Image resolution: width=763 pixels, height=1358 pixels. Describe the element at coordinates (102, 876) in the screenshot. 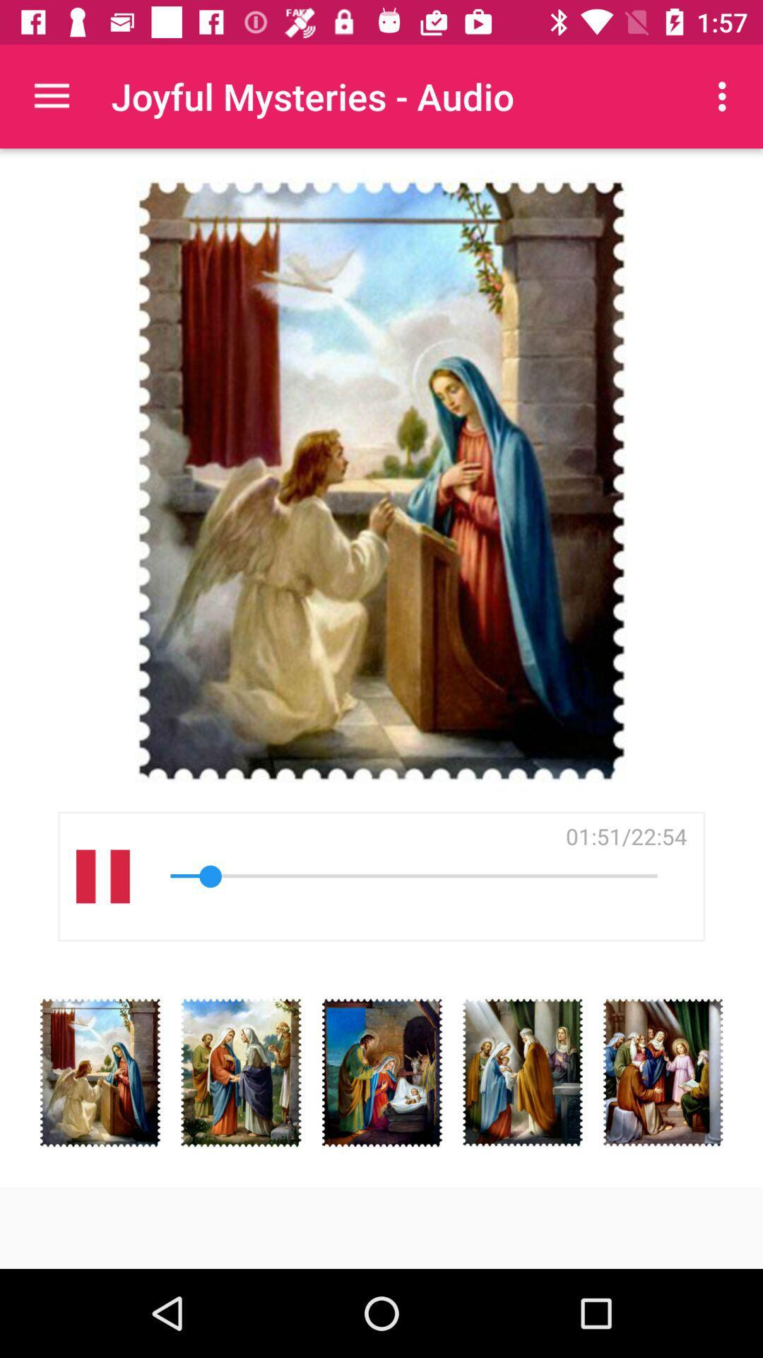

I see `the item on the left` at that location.